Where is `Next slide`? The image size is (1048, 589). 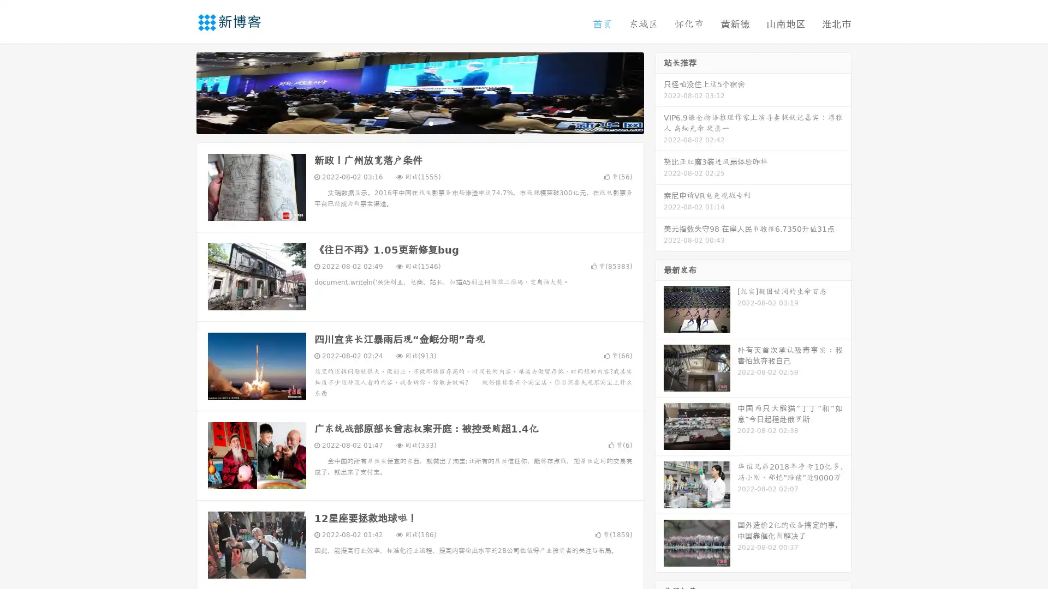
Next slide is located at coordinates (659, 92).